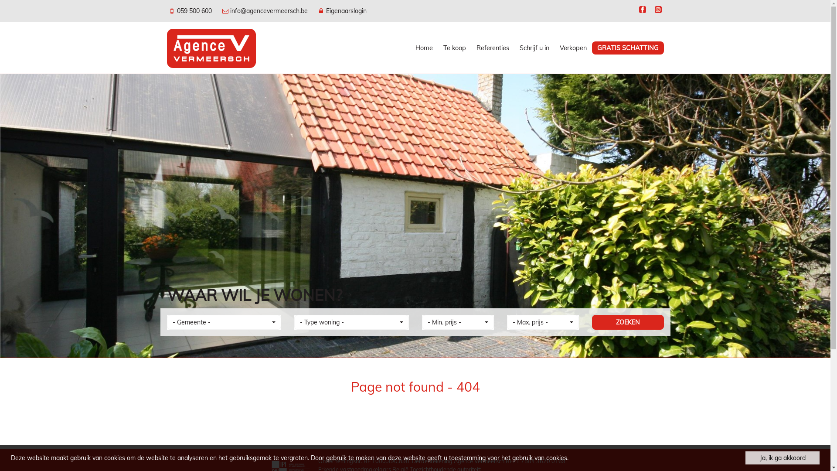 The width and height of the screenshot is (837, 471). I want to click on '- Type woning -, so click(351, 322).